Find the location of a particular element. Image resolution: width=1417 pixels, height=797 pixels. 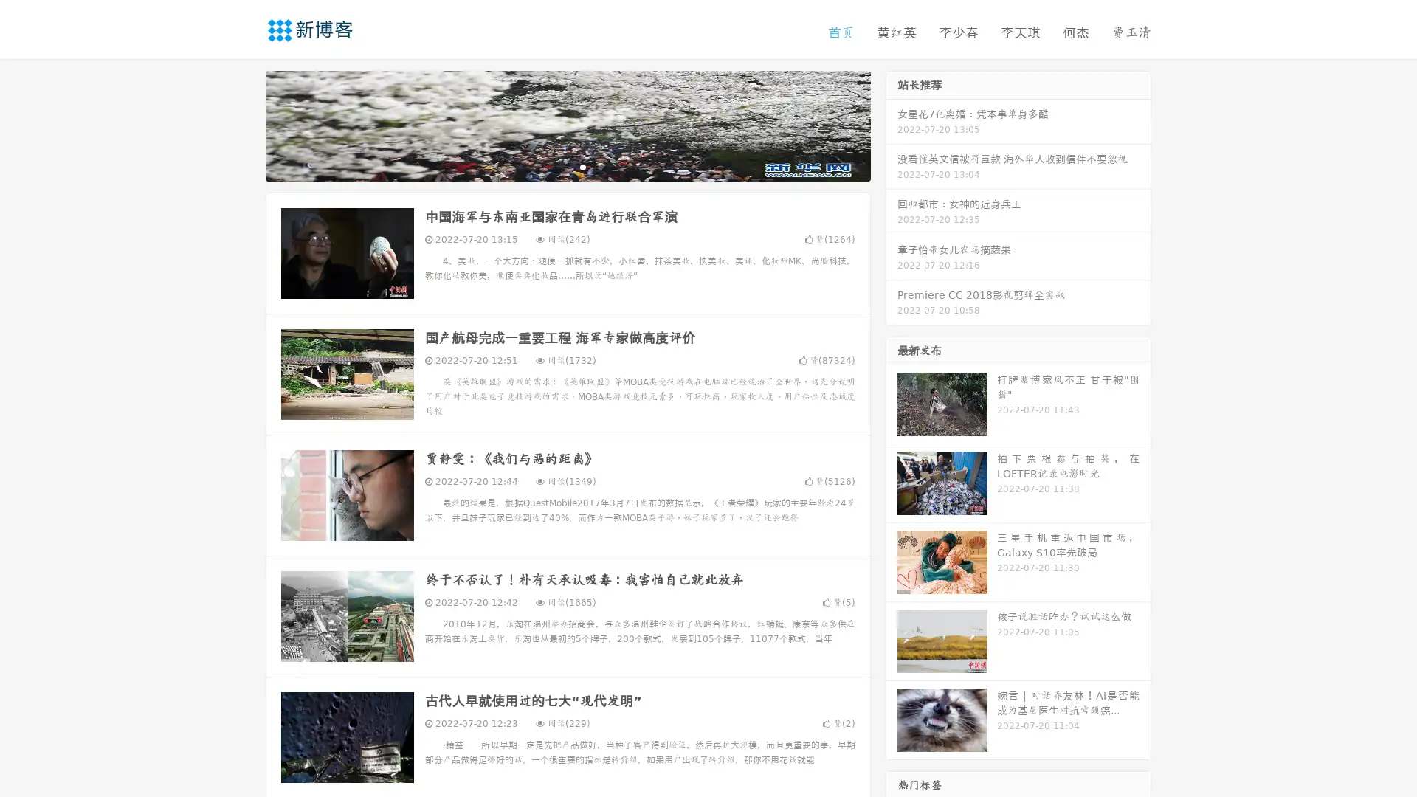

Next slide is located at coordinates (892, 124).